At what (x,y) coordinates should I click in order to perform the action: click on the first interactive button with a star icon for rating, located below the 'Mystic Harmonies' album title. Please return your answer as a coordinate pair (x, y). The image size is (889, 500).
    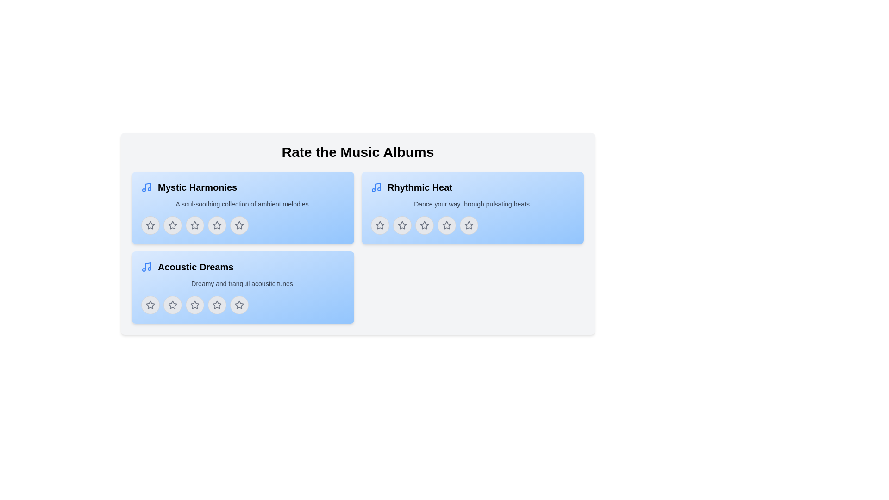
    Looking at the image, I should click on (150, 225).